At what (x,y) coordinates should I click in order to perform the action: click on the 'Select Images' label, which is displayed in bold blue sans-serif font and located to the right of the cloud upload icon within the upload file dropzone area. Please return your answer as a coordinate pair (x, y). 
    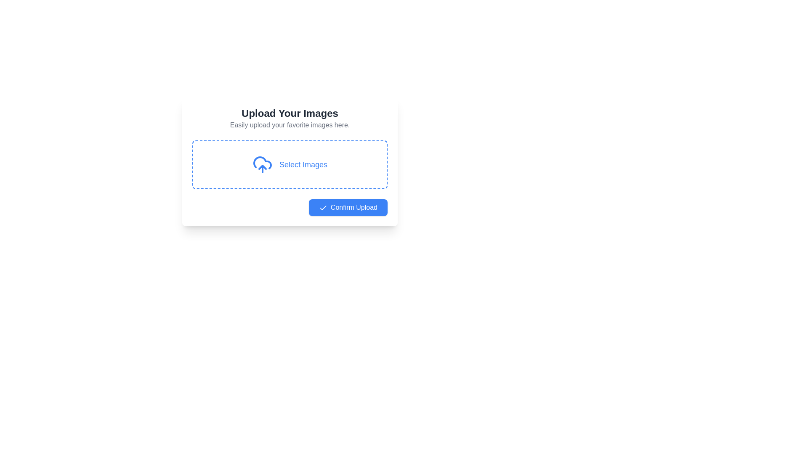
    Looking at the image, I should click on (303, 165).